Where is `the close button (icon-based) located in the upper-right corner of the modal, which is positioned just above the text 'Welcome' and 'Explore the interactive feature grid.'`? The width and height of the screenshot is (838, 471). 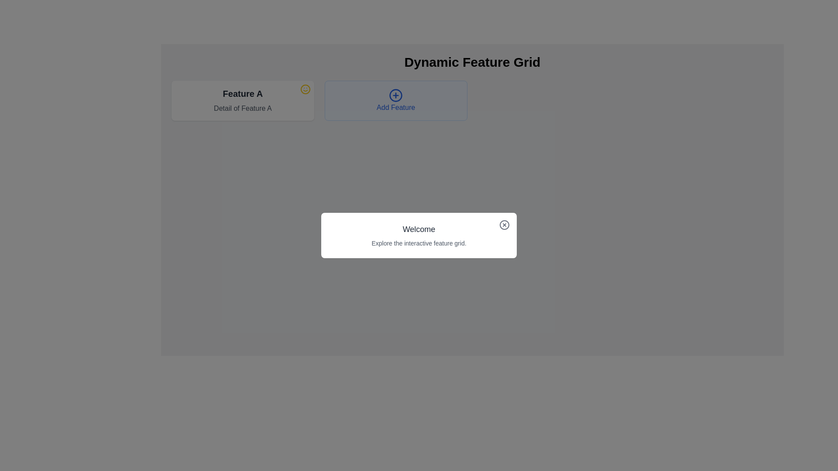 the close button (icon-based) located in the upper-right corner of the modal, which is positioned just above the text 'Welcome' and 'Explore the interactive feature grid.' is located at coordinates (505, 225).